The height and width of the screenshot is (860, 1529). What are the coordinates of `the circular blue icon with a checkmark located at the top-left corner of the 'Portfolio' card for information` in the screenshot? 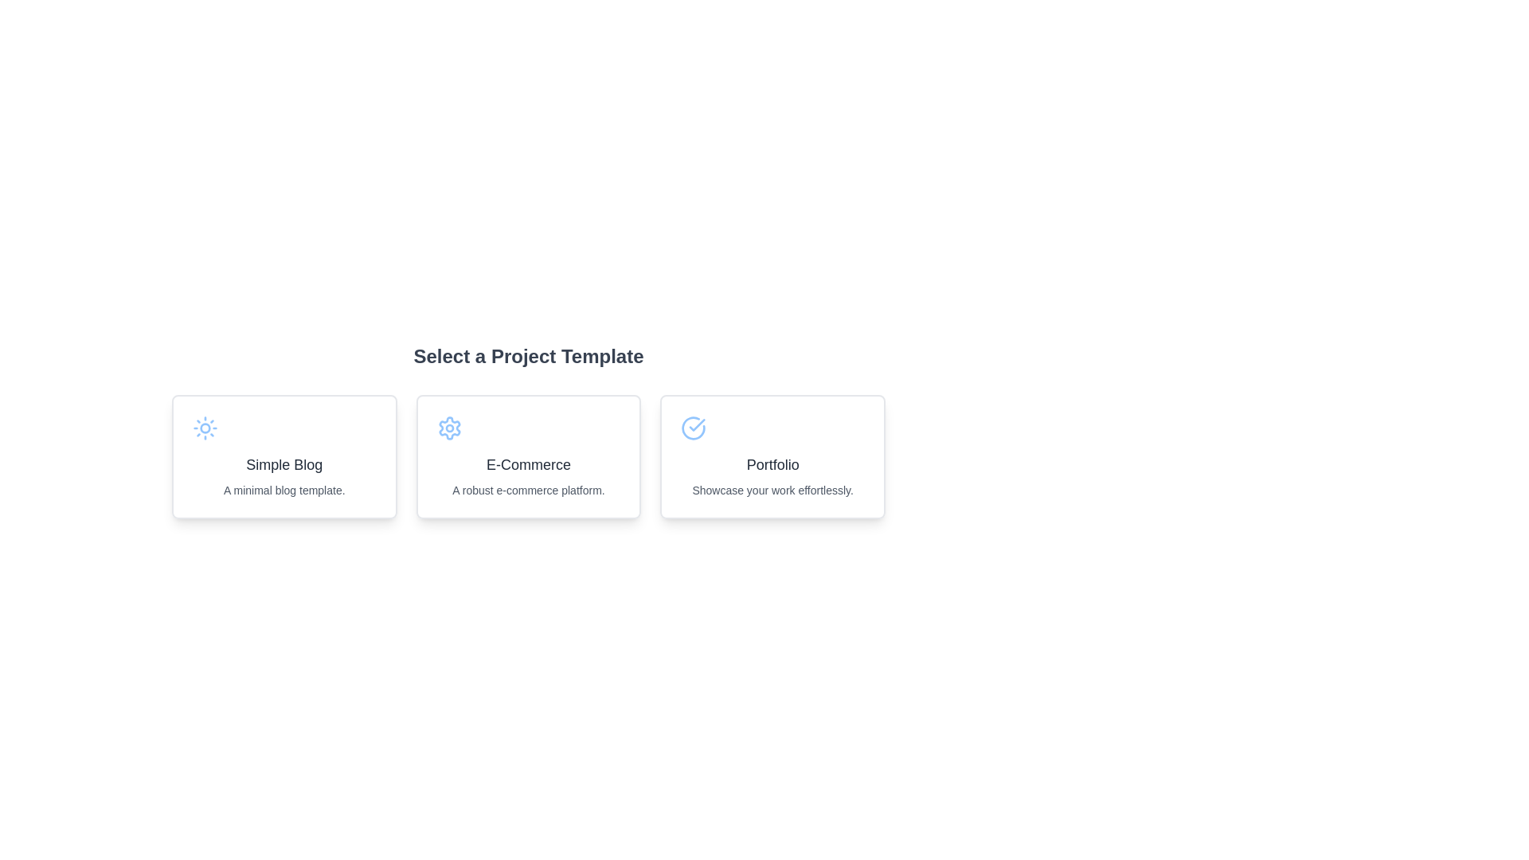 It's located at (694, 427).